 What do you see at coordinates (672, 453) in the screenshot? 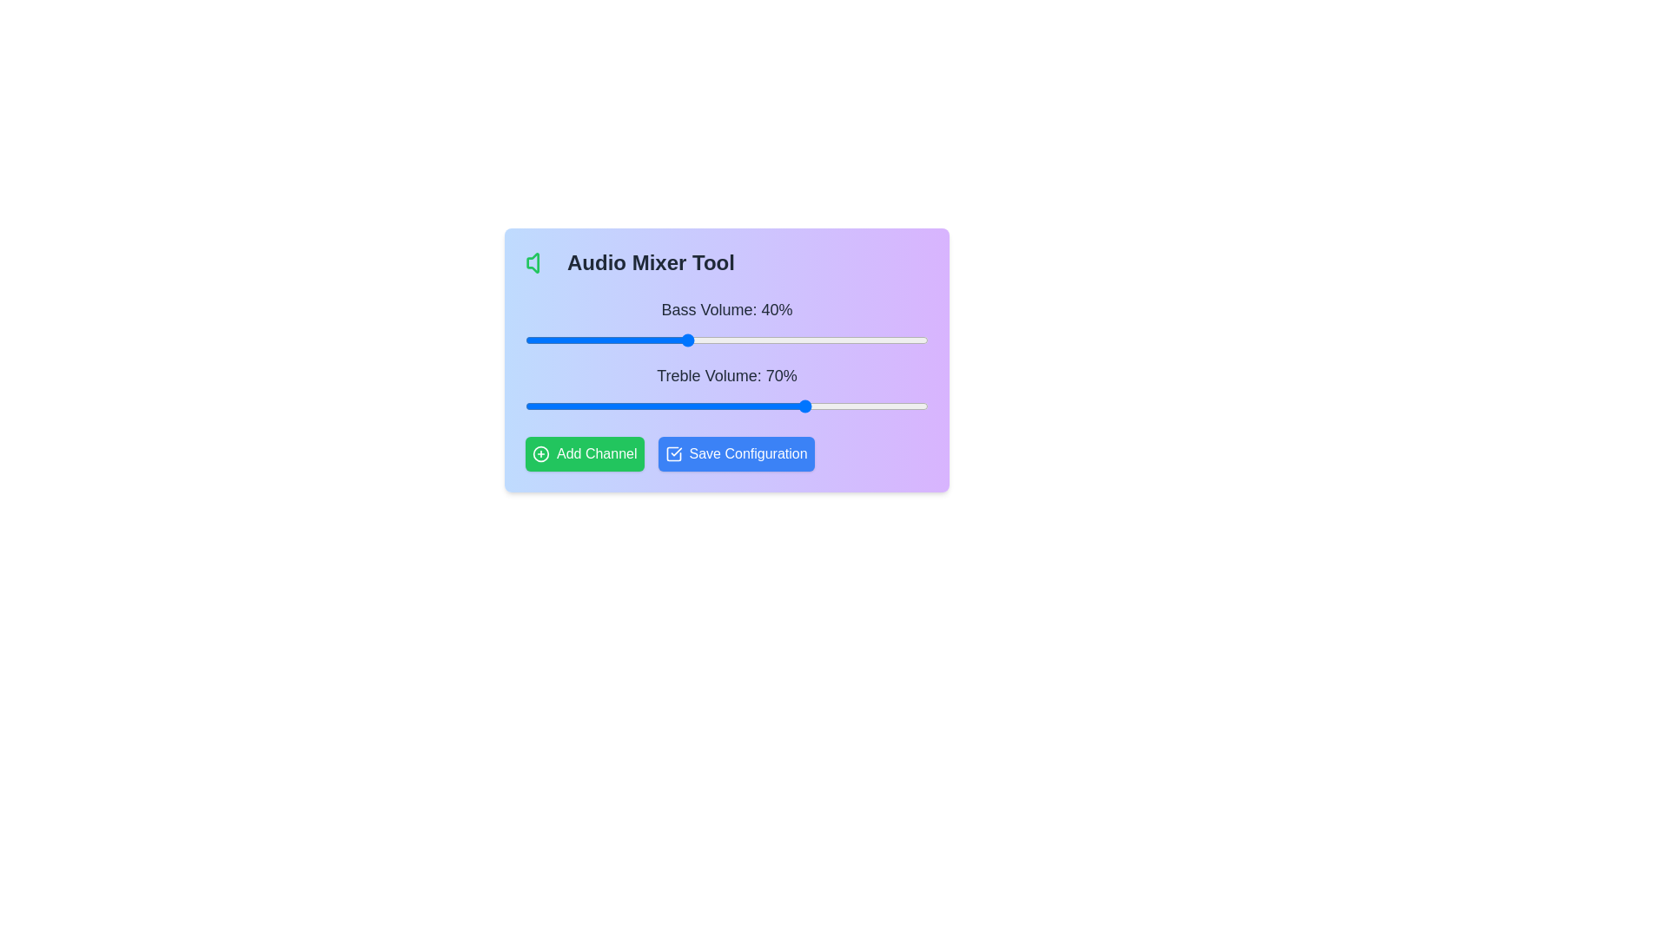
I see `the checkmark icon within the 'Save Configuration' button, which features a blue background and a white outline` at bounding box center [672, 453].